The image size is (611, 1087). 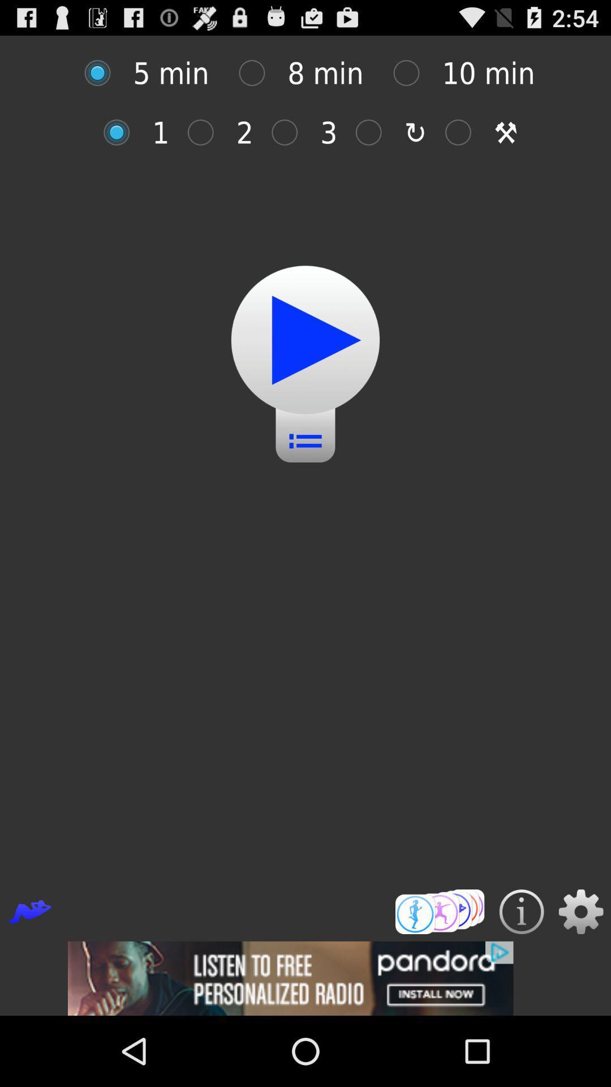 I want to click on setting, so click(x=581, y=911).